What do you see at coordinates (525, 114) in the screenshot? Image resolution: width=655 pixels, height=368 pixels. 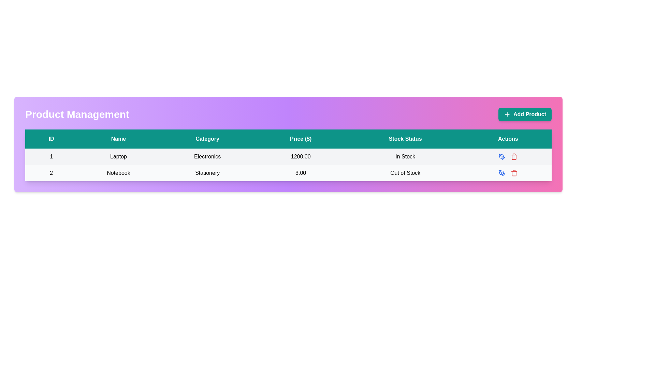 I see `the 'Add Product' button, which has a teal background, white text, rounded corners, and a 'plus' icon, located on the right-hand side of the 'Product Management' title` at bounding box center [525, 114].